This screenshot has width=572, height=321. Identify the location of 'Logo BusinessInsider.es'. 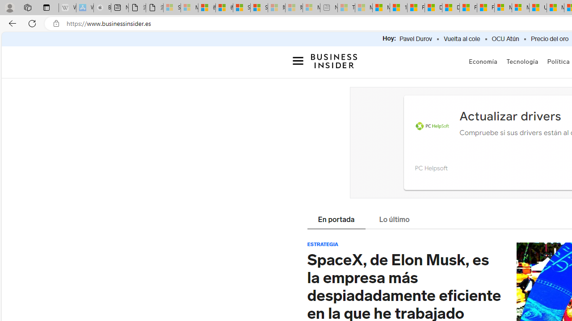
(334, 60).